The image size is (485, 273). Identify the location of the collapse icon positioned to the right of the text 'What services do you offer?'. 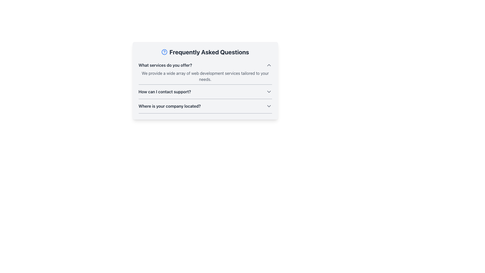
(269, 65).